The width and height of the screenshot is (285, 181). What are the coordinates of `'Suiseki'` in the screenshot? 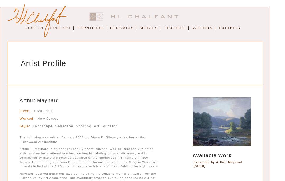 It's located at (202, 44).